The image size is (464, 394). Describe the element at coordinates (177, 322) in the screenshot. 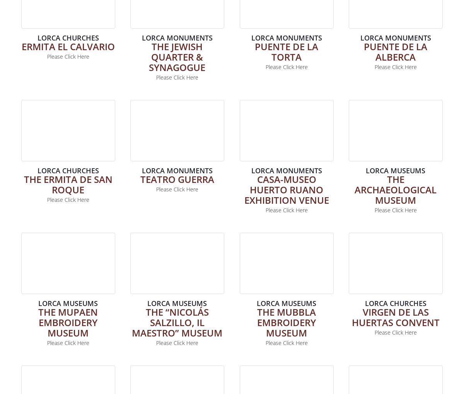

I see `'The “Nicolás Salzillo, Il Maestro” museum'` at that location.